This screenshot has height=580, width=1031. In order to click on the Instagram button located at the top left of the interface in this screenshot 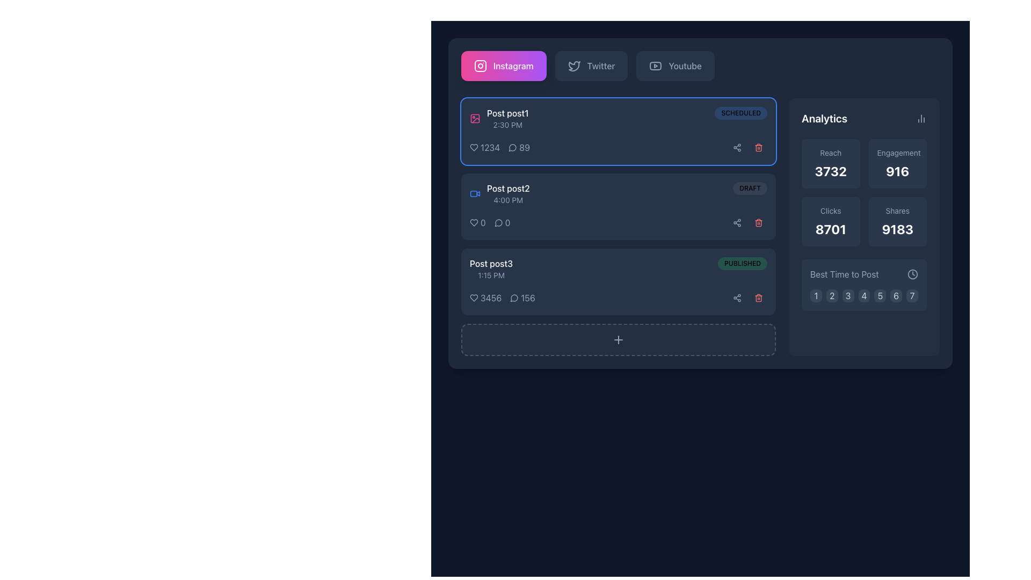, I will do `click(503, 66)`.